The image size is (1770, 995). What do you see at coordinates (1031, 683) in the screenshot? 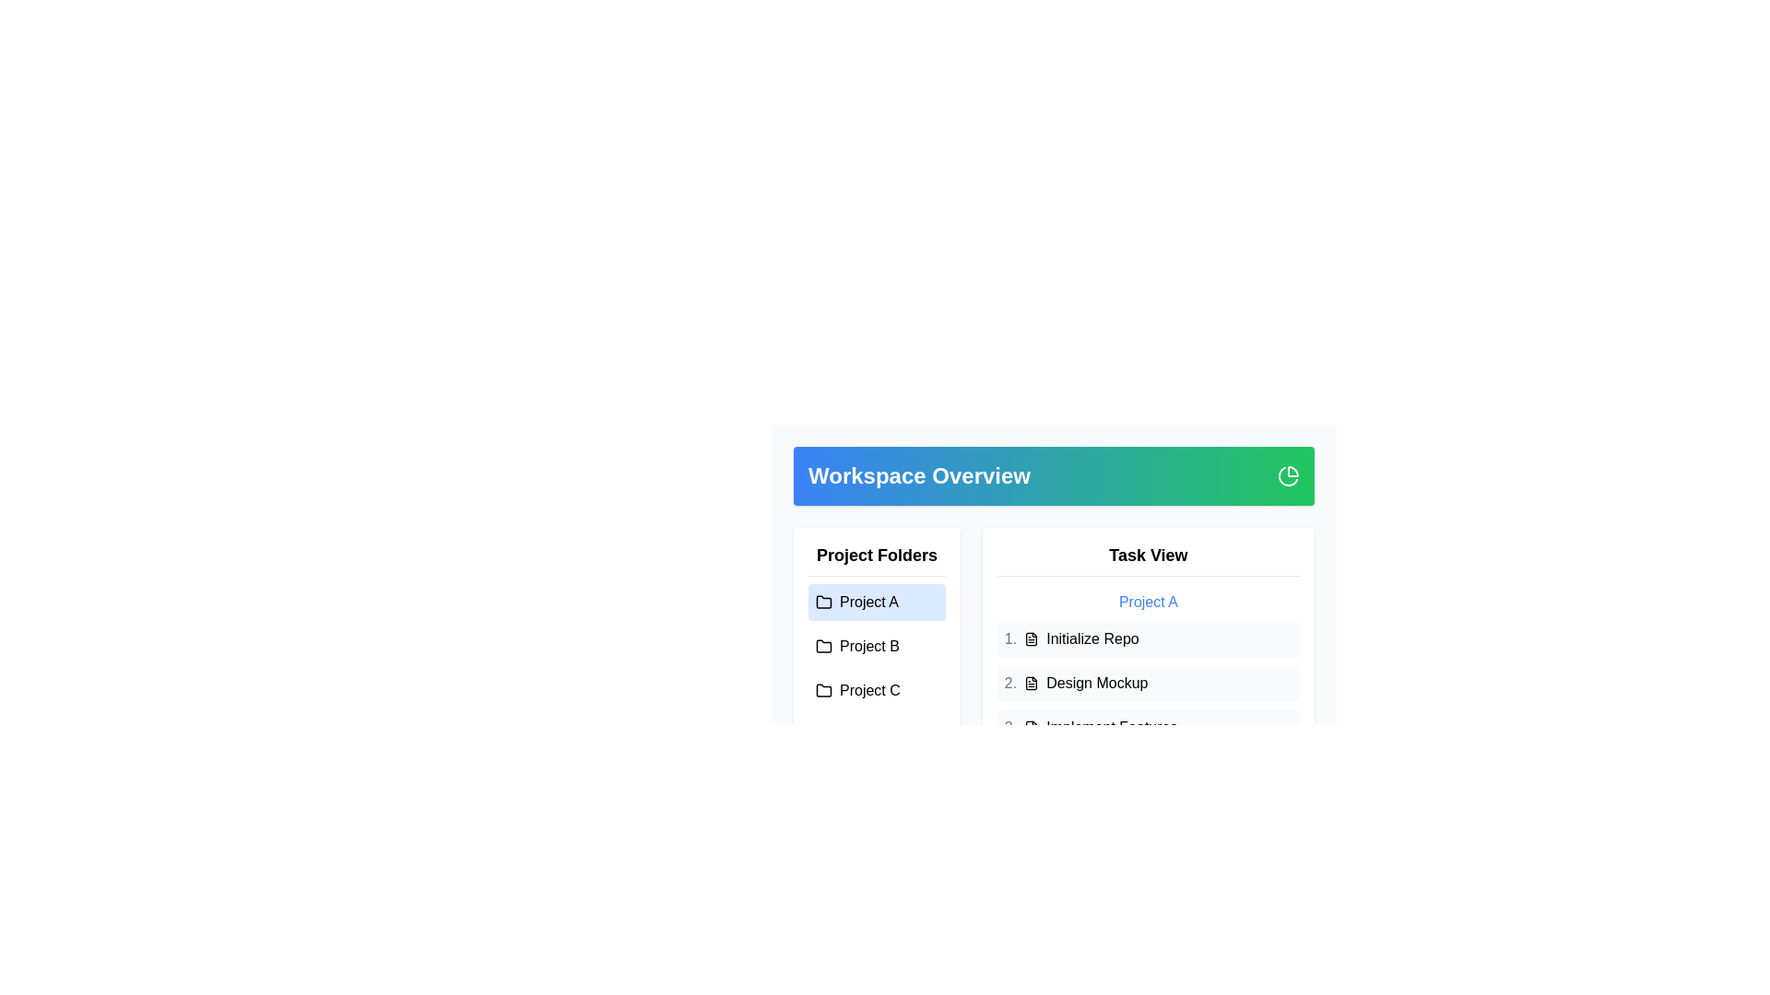
I see `the icon that signifies a document or file-related activity, located in the second item of the task list under 'Task View', to the right of '2.' and before 'Design Mockup'` at bounding box center [1031, 683].